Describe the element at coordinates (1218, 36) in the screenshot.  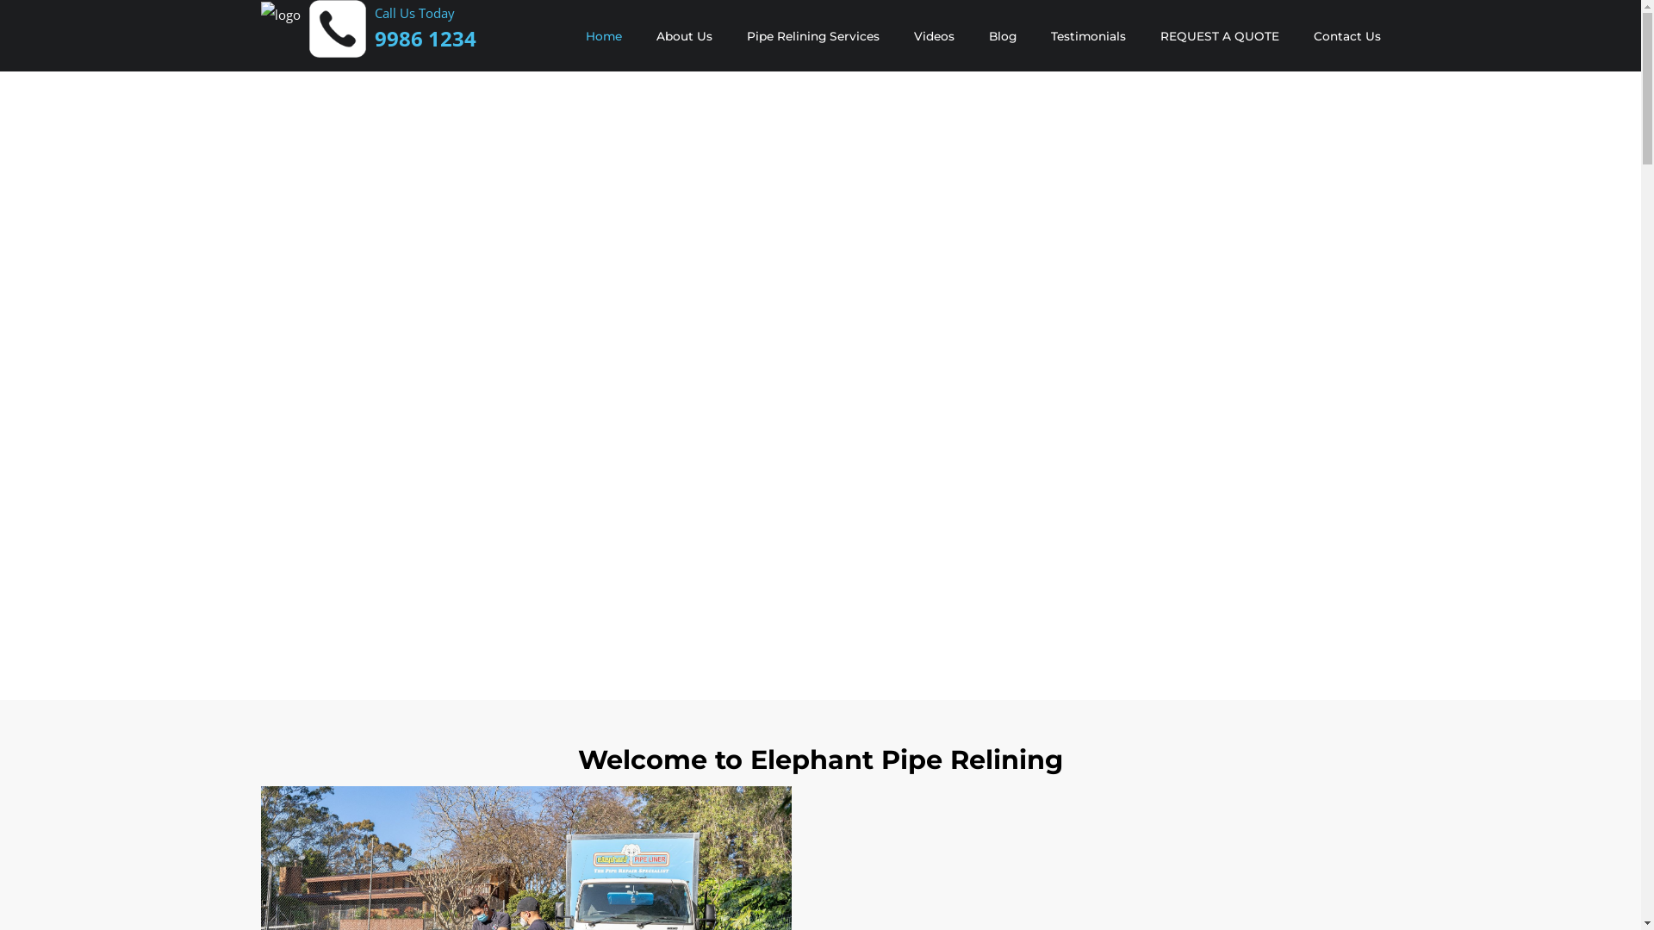
I see `'REQUEST A QUOTE'` at that location.